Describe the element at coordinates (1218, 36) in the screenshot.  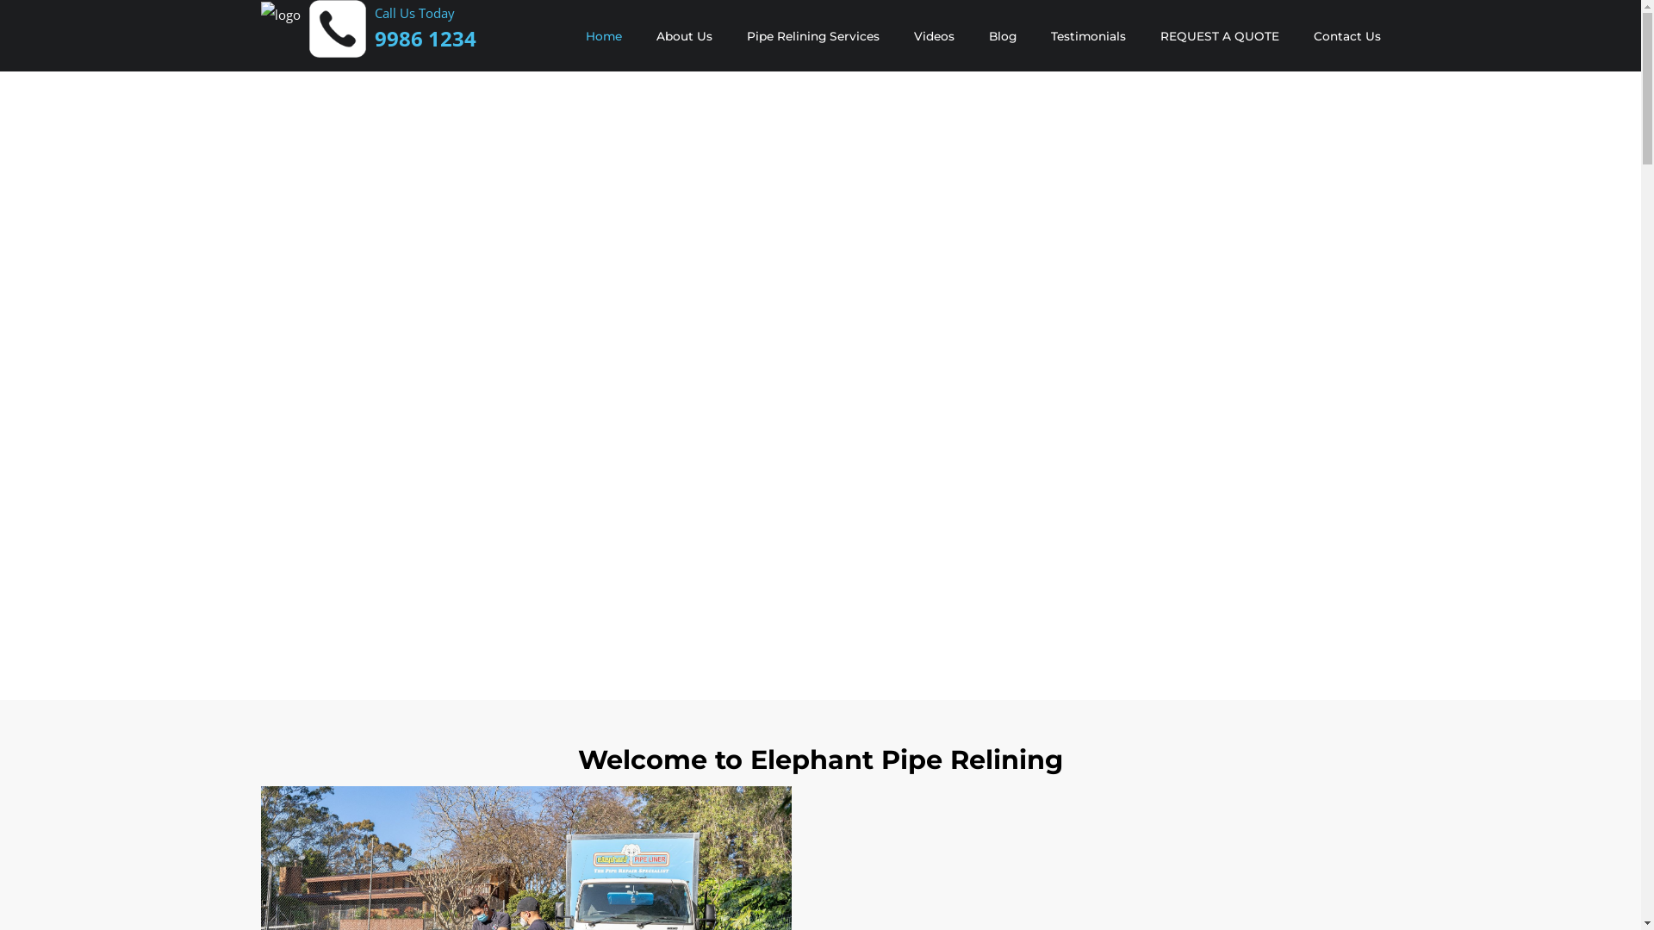
I see `'REQUEST A QUOTE'` at that location.